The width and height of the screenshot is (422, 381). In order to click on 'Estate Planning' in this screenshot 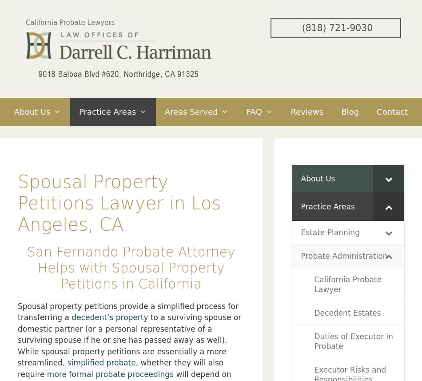, I will do `click(329, 231)`.